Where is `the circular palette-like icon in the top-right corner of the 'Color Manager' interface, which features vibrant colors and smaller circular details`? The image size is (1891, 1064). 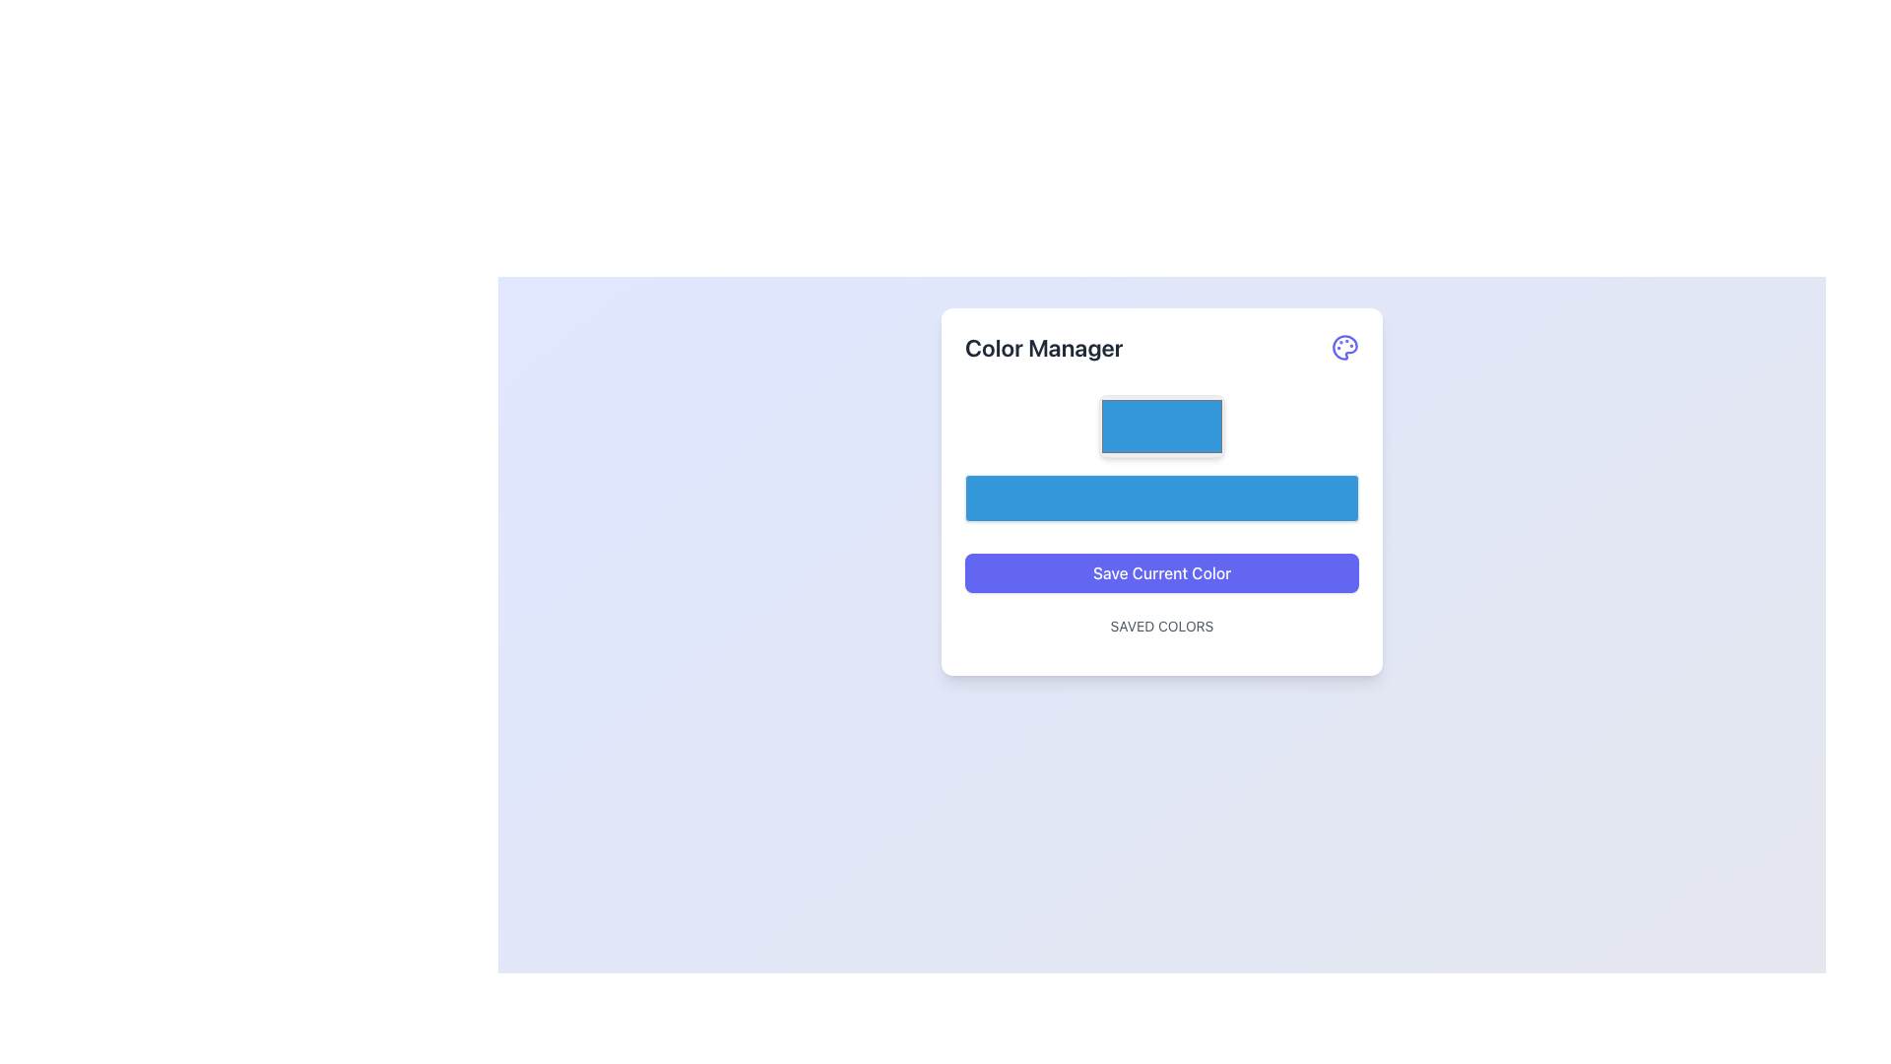
the circular palette-like icon in the top-right corner of the 'Color Manager' interface, which features vibrant colors and smaller circular details is located at coordinates (1344, 347).